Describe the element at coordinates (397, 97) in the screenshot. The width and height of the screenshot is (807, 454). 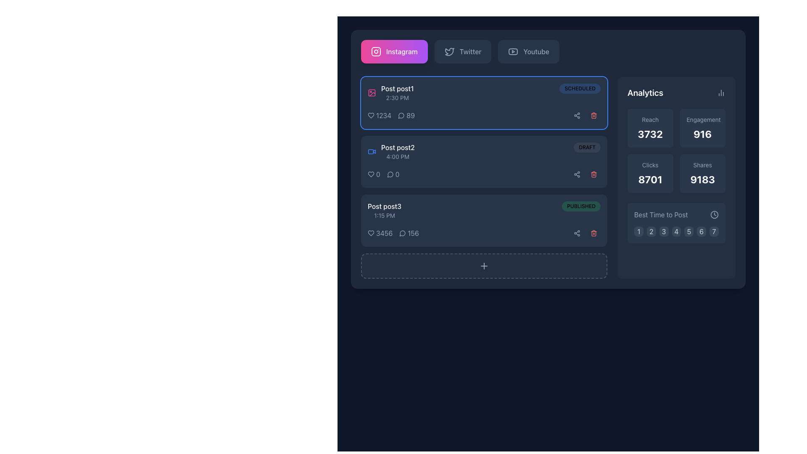
I see `the text display that shows the schedule or posting time of the associated post located in the 'Post post1' section, positioned in the upper-left region of the interface` at that location.